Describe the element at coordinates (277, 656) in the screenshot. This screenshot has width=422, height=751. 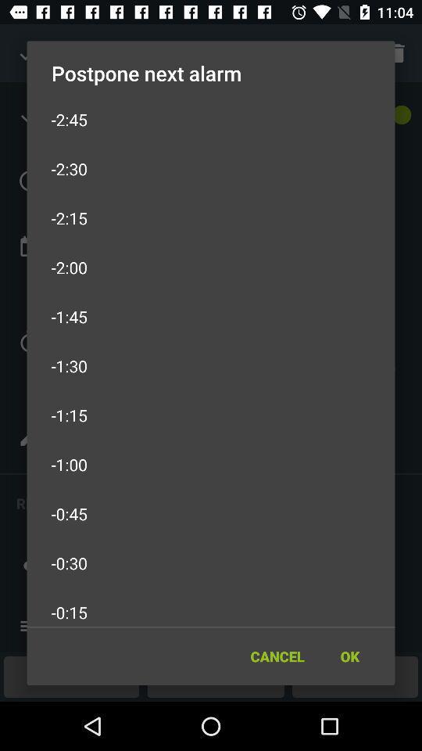
I see `the item next to the ok item` at that location.